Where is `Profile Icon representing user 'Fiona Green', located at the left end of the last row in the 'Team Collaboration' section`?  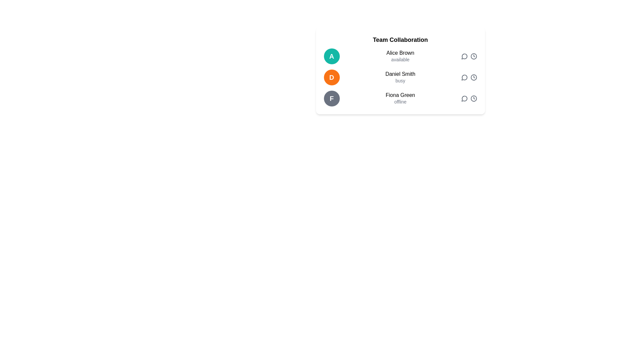
Profile Icon representing user 'Fiona Green', located at the left end of the last row in the 'Team Collaboration' section is located at coordinates (332, 99).